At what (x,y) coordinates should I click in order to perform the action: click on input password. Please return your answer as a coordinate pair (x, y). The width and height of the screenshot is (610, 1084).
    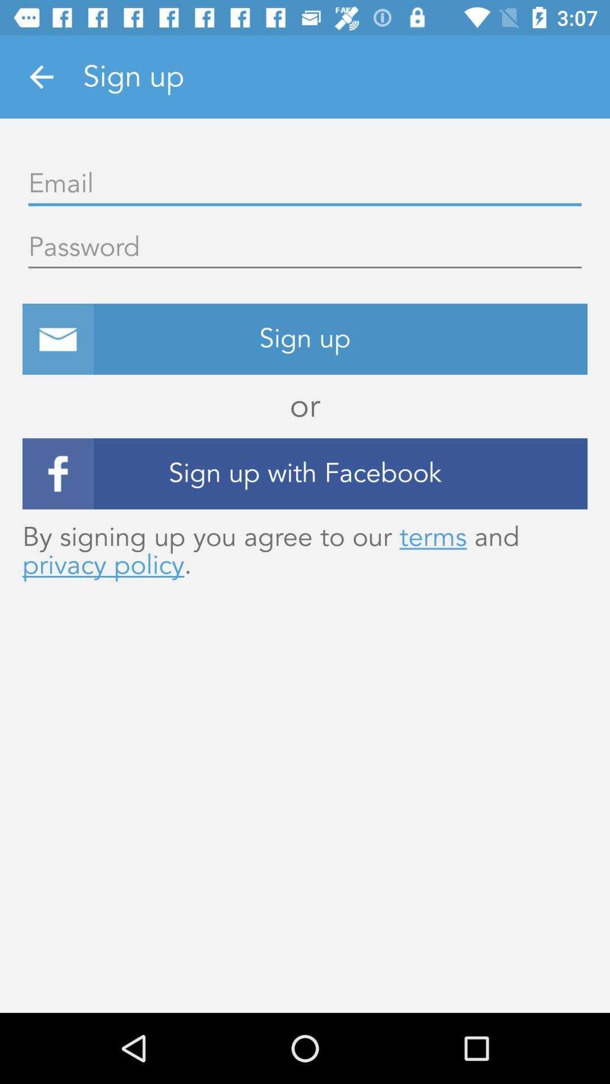
    Looking at the image, I should click on (305, 247).